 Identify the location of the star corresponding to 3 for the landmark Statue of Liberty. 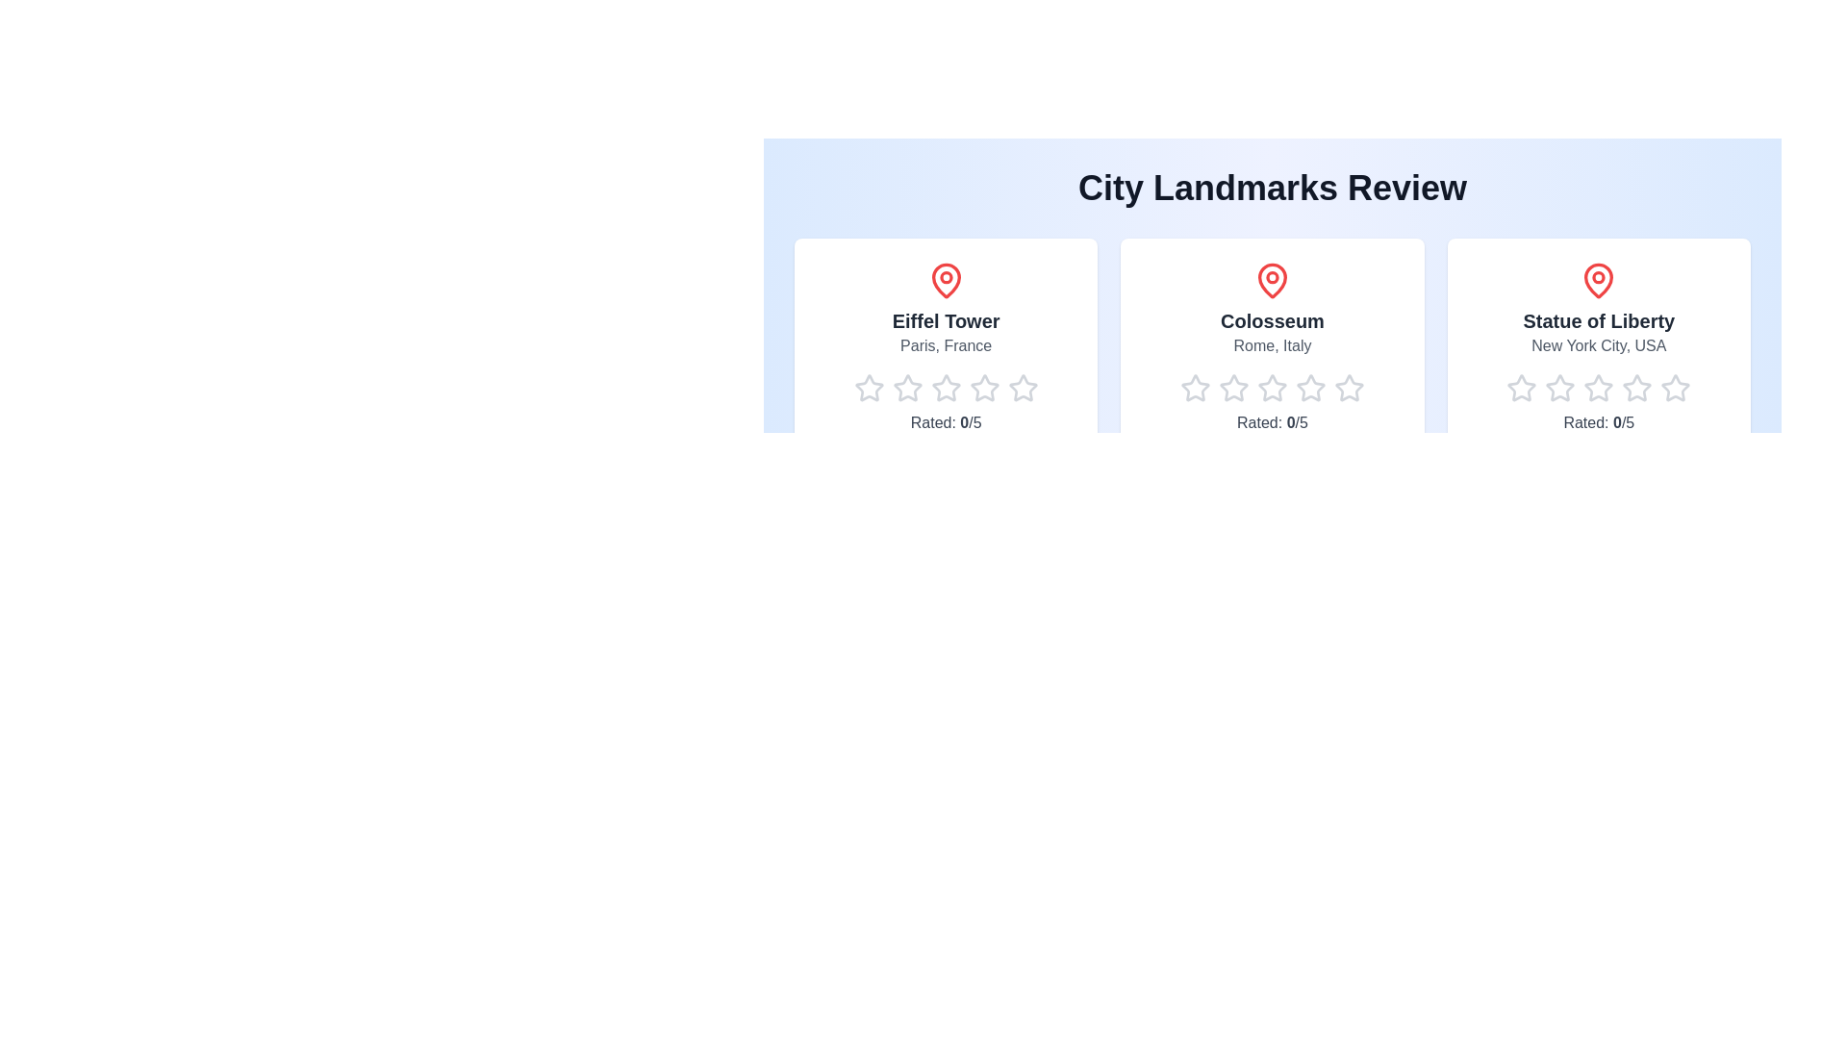
(1583, 389).